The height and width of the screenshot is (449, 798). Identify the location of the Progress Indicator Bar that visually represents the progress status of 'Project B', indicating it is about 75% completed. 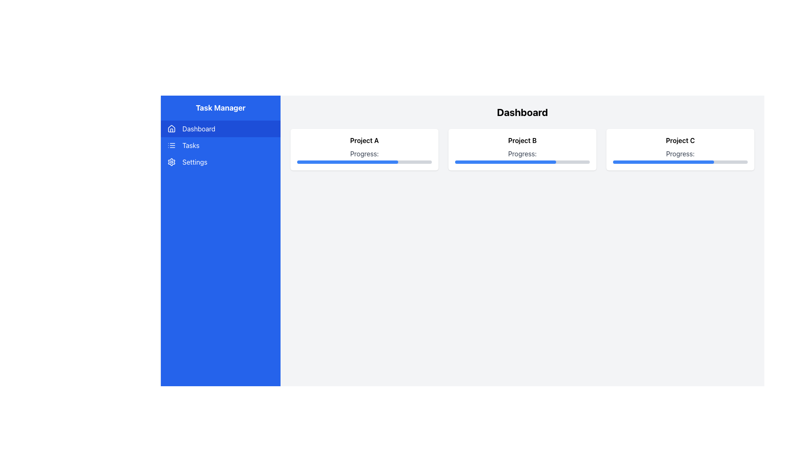
(505, 162).